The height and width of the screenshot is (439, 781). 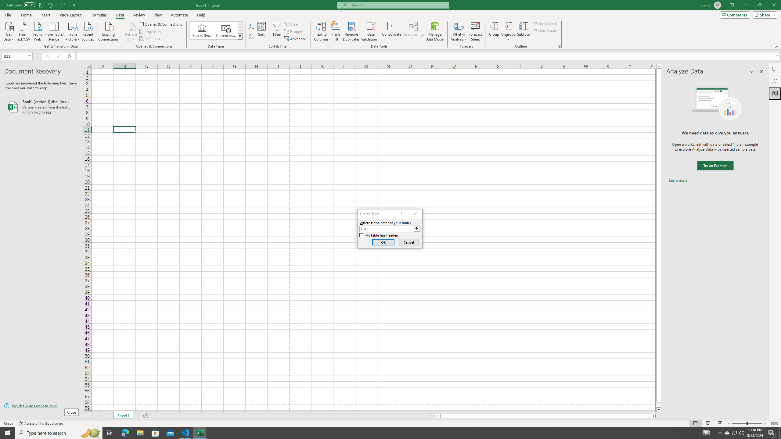 I want to click on 'Currencies (English)', so click(x=225, y=30).